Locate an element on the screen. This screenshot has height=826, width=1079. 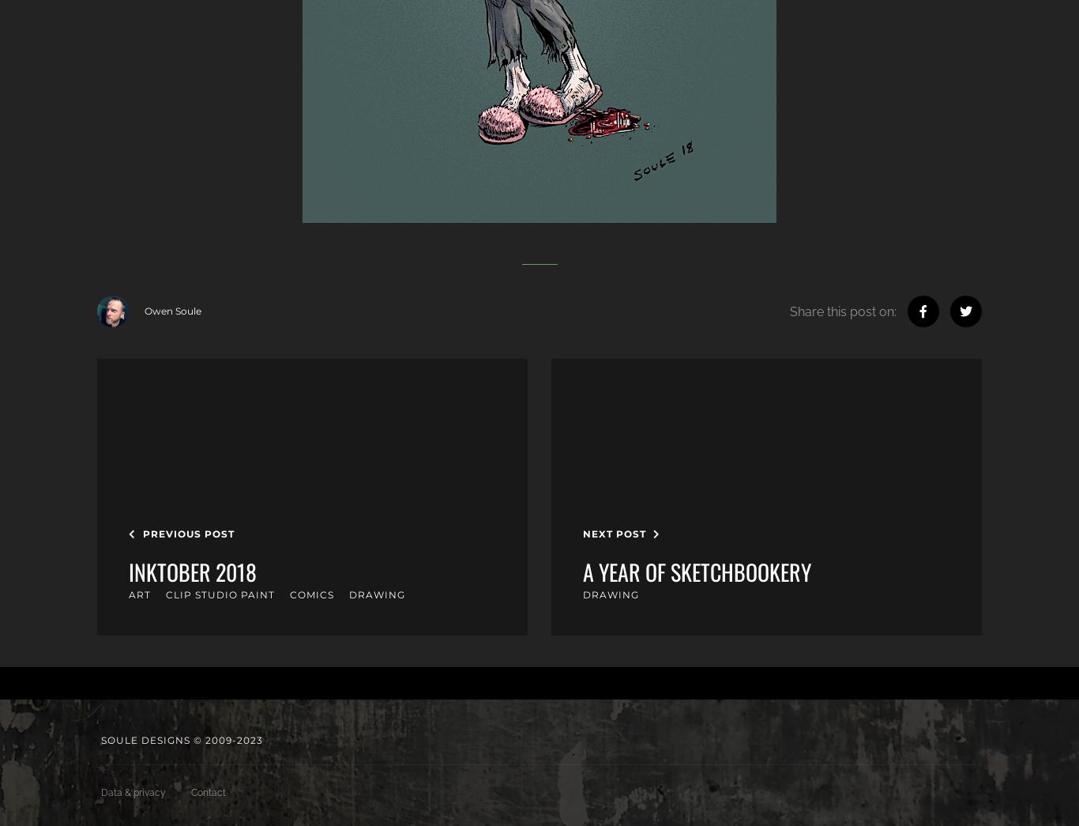
'A Year of Sketchbookery' is located at coordinates (583, 570).